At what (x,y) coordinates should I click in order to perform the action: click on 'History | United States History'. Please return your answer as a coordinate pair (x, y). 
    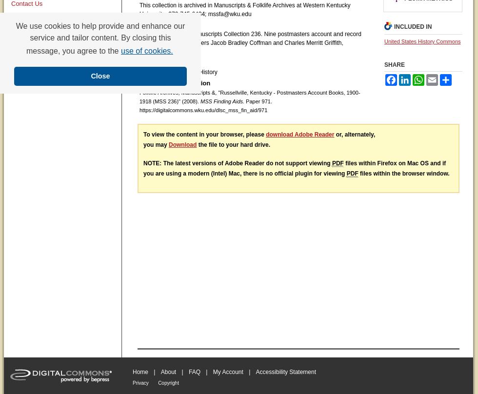
    Looking at the image, I should click on (139, 72).